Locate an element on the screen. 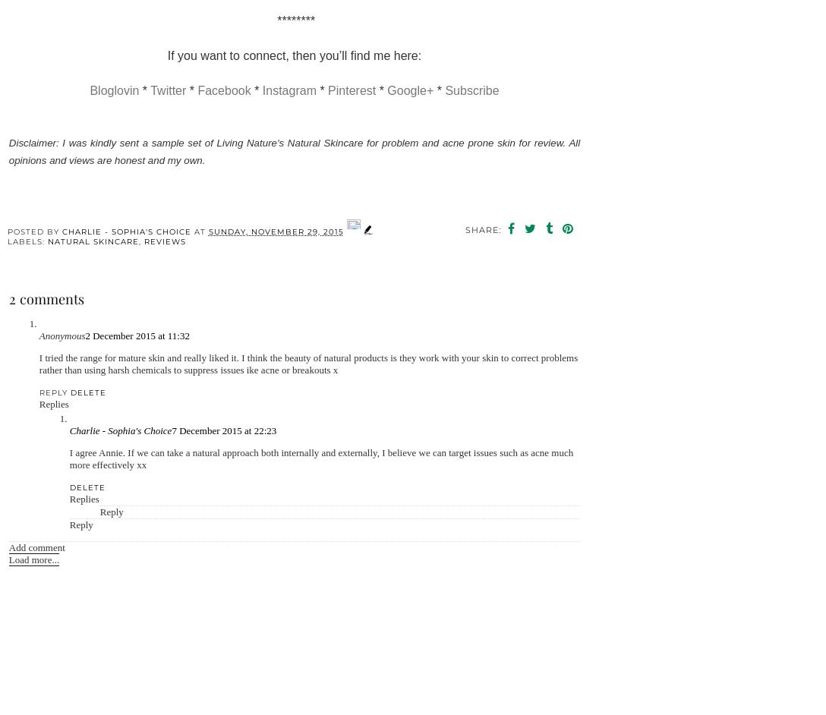 This screenshot has width=826, height=715. 'Reviews' is located at coordinates (163, 241).